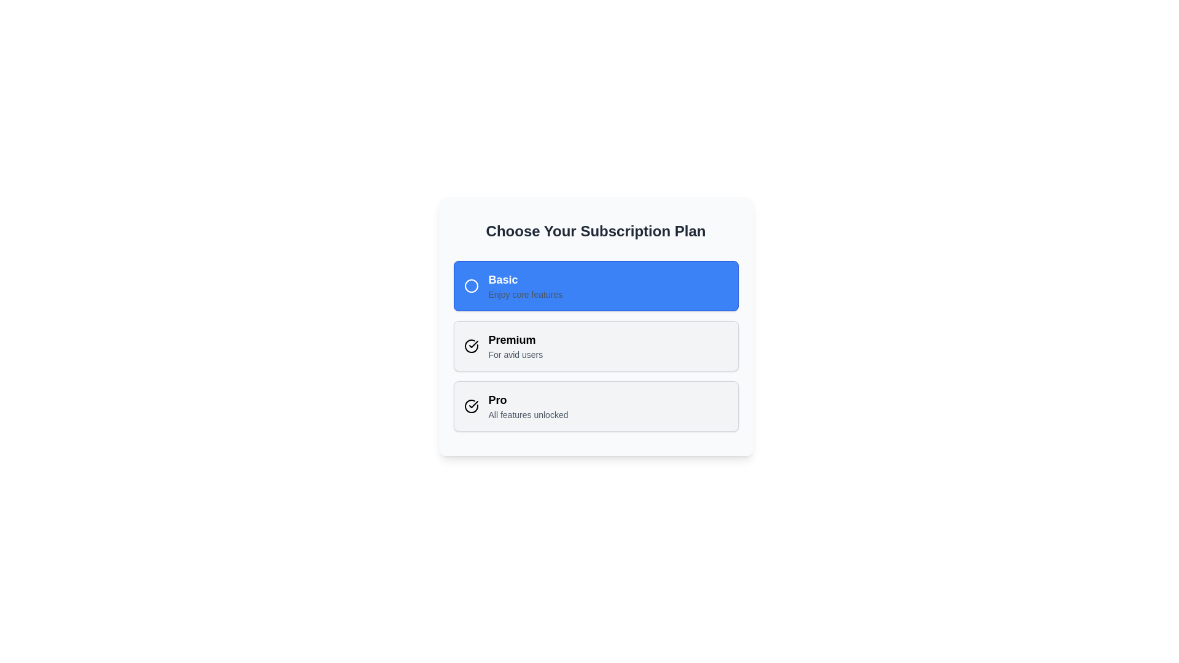 The height and width of the screenshot is (663, 1179). What do you see at coordinates (470, 346) in the screenshot?
I see `the checkmark icon inside the circle` at bounding box center [470, 346].